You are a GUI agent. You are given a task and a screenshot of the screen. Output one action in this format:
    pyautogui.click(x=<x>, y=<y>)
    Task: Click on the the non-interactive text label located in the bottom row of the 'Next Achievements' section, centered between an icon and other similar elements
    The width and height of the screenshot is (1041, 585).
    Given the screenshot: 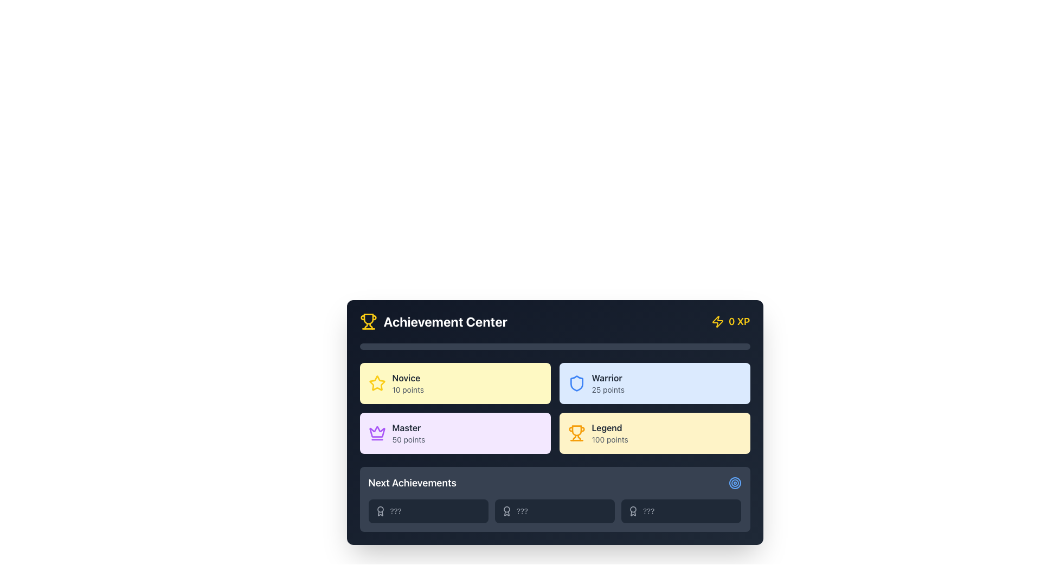 What is the action you would take?
    pyautogui.click(x=395, y=511)
    